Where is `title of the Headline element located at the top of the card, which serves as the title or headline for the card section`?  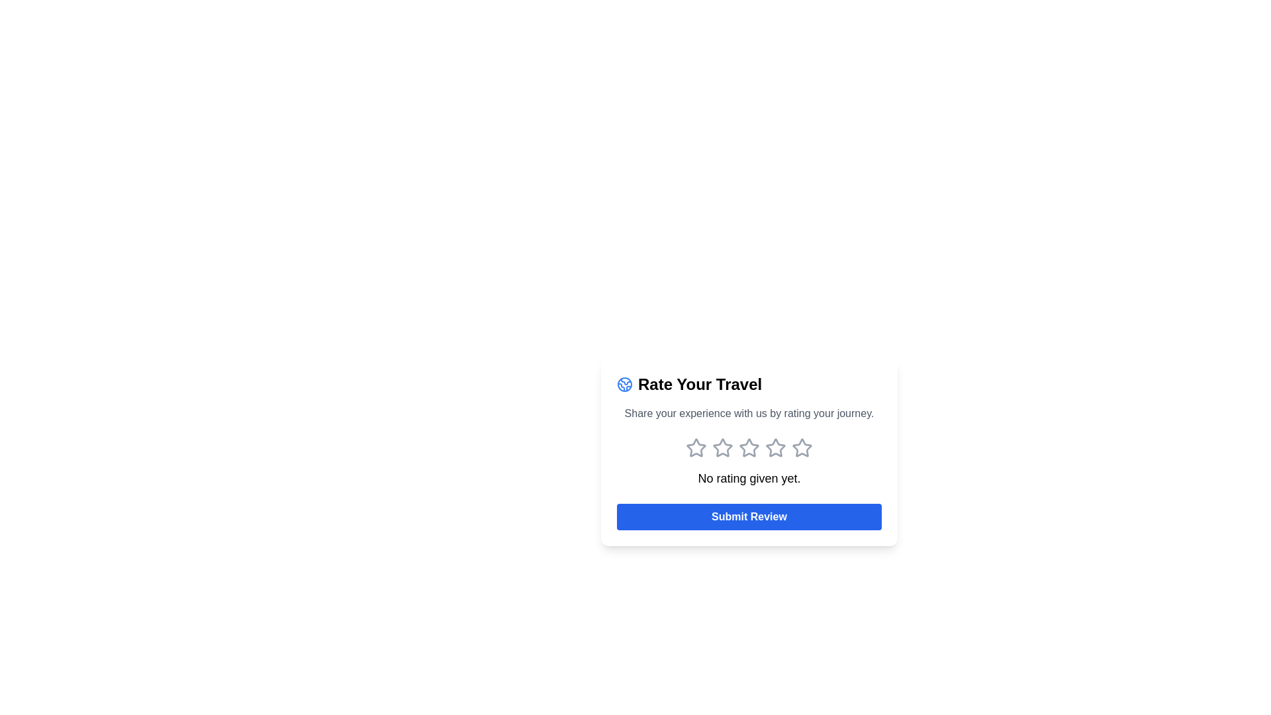 title of the Headline element located at the top of the card, which serves as the title or headline for the card section is located at coordinates (749, 385).